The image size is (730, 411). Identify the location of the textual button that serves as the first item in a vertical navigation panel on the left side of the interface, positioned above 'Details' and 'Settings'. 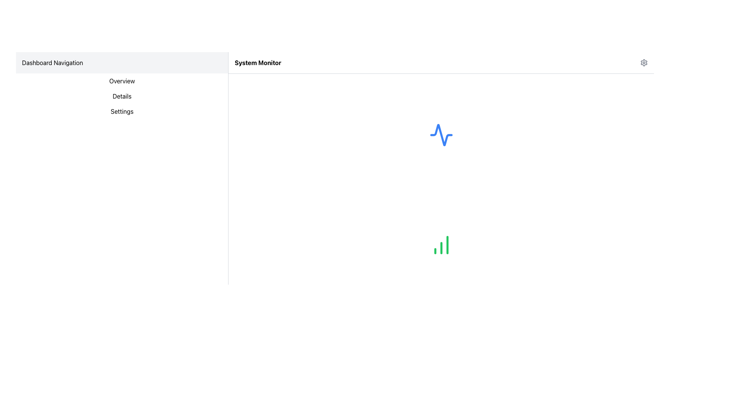
(122, 81).